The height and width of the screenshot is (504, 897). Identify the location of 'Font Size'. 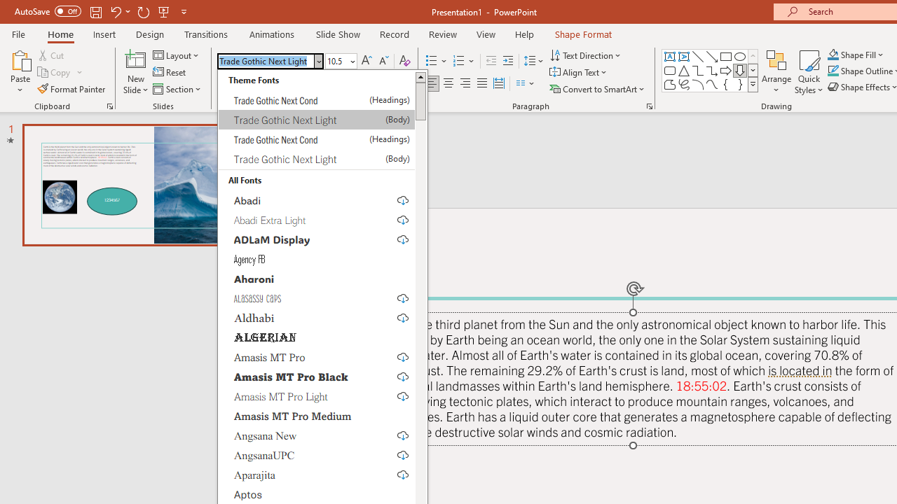
(336, 60).